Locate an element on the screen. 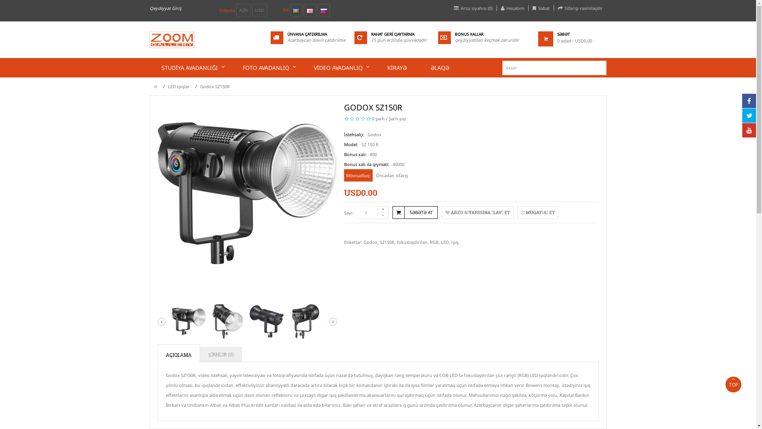 The image size is (762, 429). 'Godox SZ150R' is located at coordinates (227, 321).